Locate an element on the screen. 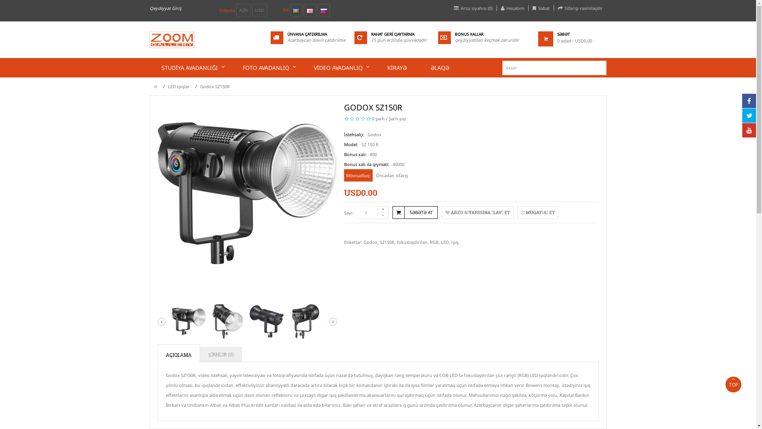 The image size is (762, 429). 'Godox SZ150R' is located at coordinates (227, 321).